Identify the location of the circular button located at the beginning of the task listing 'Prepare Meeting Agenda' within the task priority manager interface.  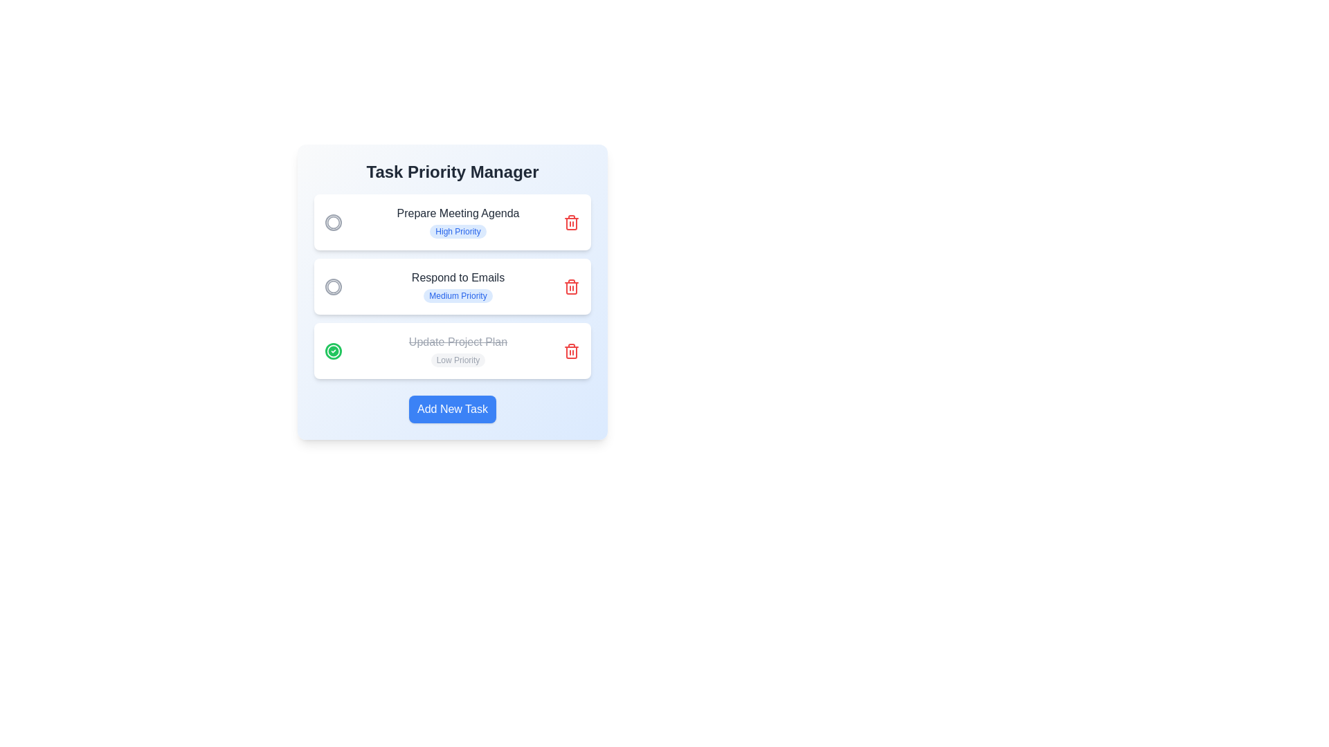
(333, 221).